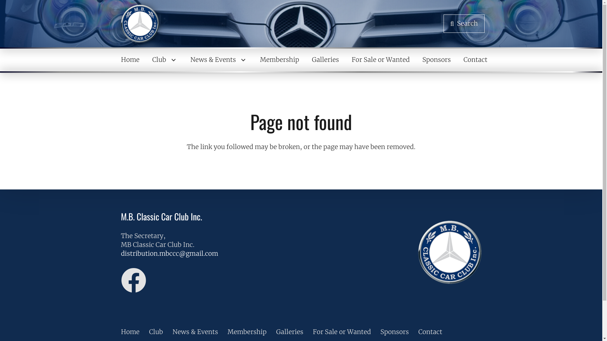  What do you see at coordinates (219, 60) in the screenshot?
I see `'News & Events'` at bounding box center [219, 60].